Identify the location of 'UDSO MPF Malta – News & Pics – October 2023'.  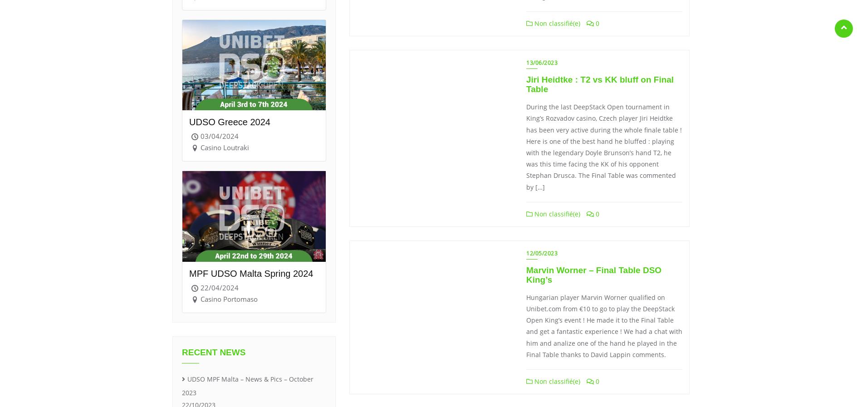
(248, 385).